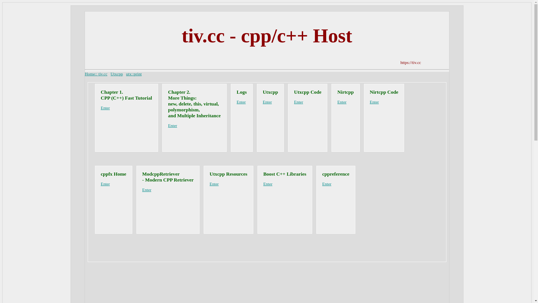 The height and width of the screenshot is (303, 538). What do you see at coordinates (142, 190) in the screenshot?
I see `'Enter'` at bounding box center [142, 190].